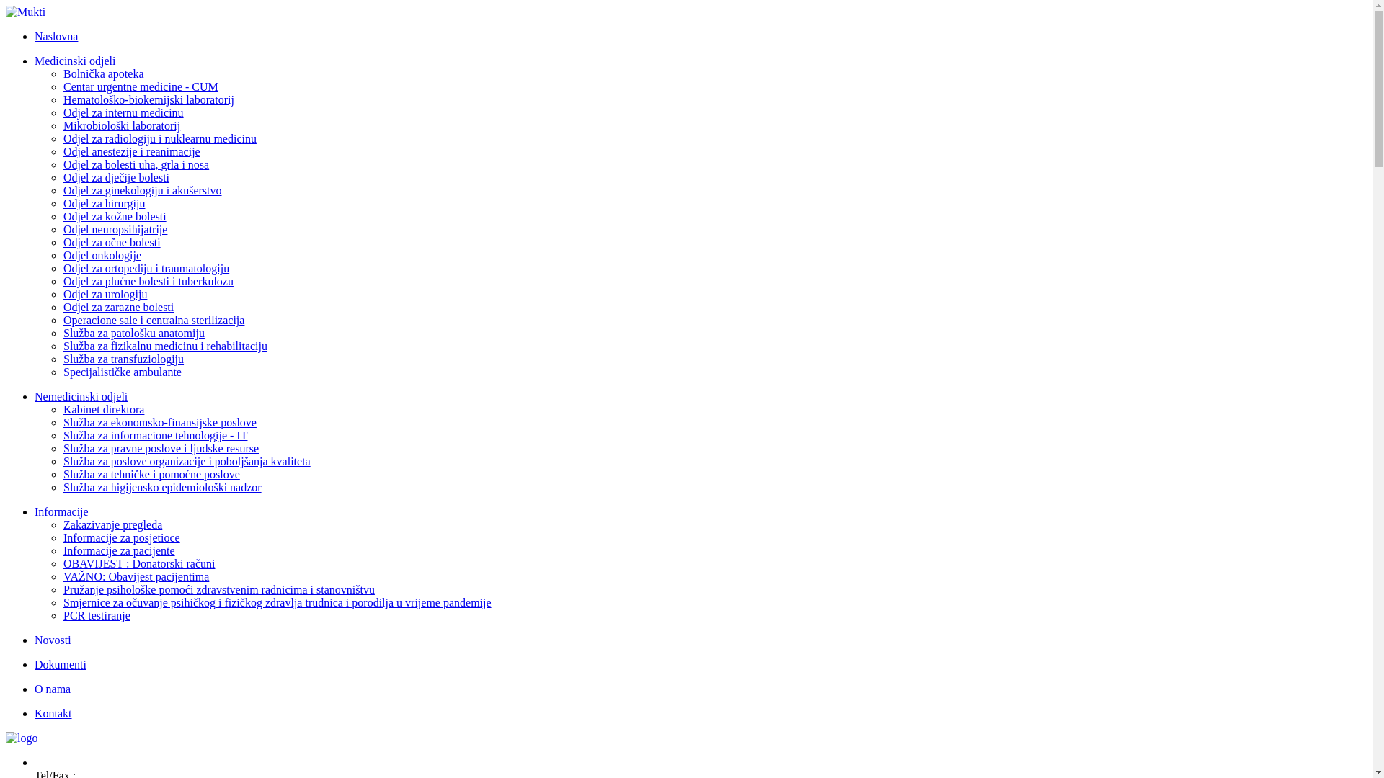  Describe the element at coordinates (131, 151) in the screenshot. I see `'Odjel anestezije i reanimacije'` at that location.